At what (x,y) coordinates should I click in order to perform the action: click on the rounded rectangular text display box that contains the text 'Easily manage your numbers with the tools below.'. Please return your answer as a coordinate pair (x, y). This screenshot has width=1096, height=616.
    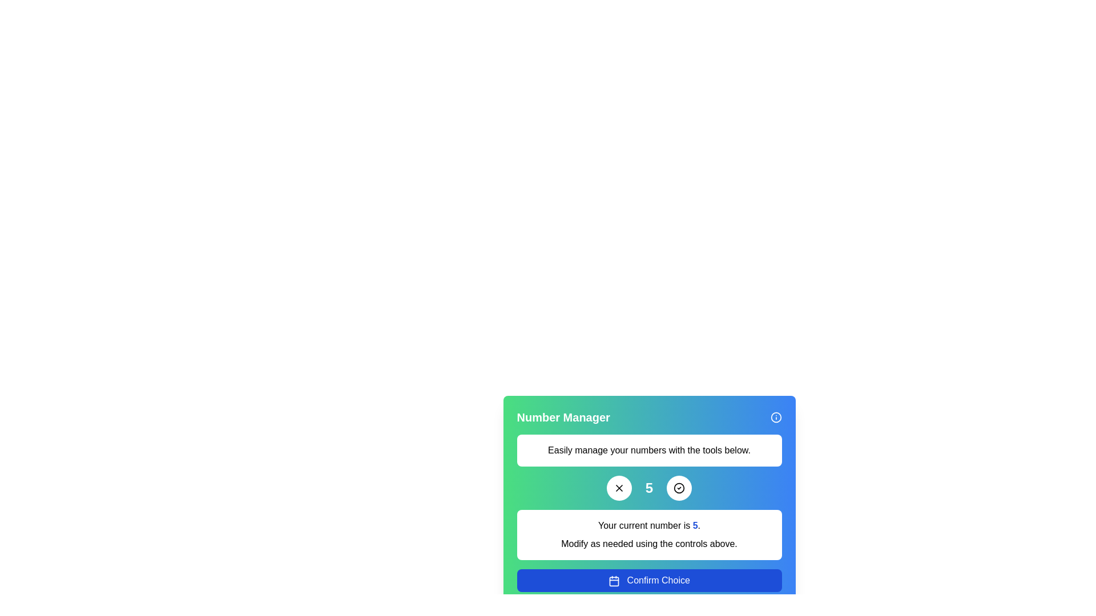
    Looking at the image, I should click on (649, 450).